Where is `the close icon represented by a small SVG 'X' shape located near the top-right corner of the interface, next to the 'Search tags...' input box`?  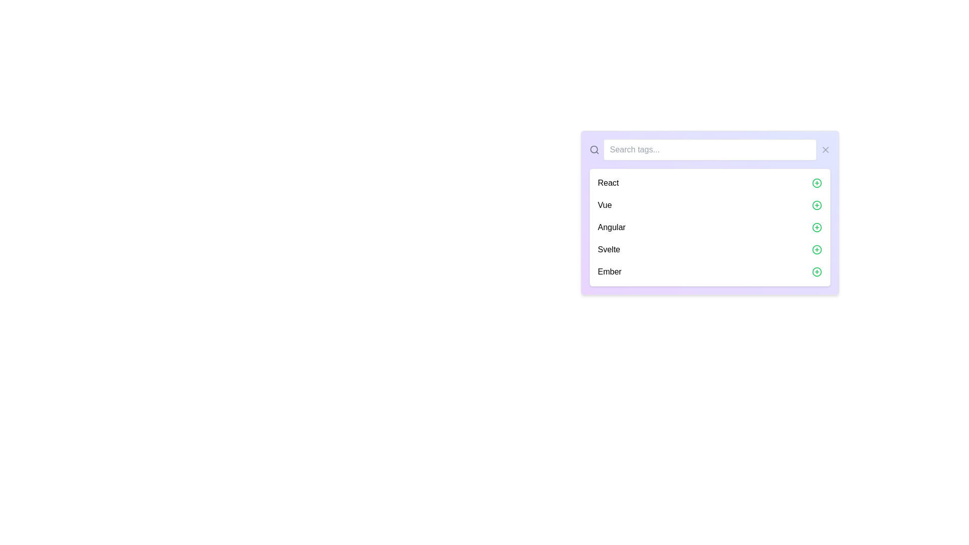 the close icon represented by a small SVG 'X' shape located near the top-right corner of the interface, next to the 'Search tags...' input box is located at coordinates (825, 150).